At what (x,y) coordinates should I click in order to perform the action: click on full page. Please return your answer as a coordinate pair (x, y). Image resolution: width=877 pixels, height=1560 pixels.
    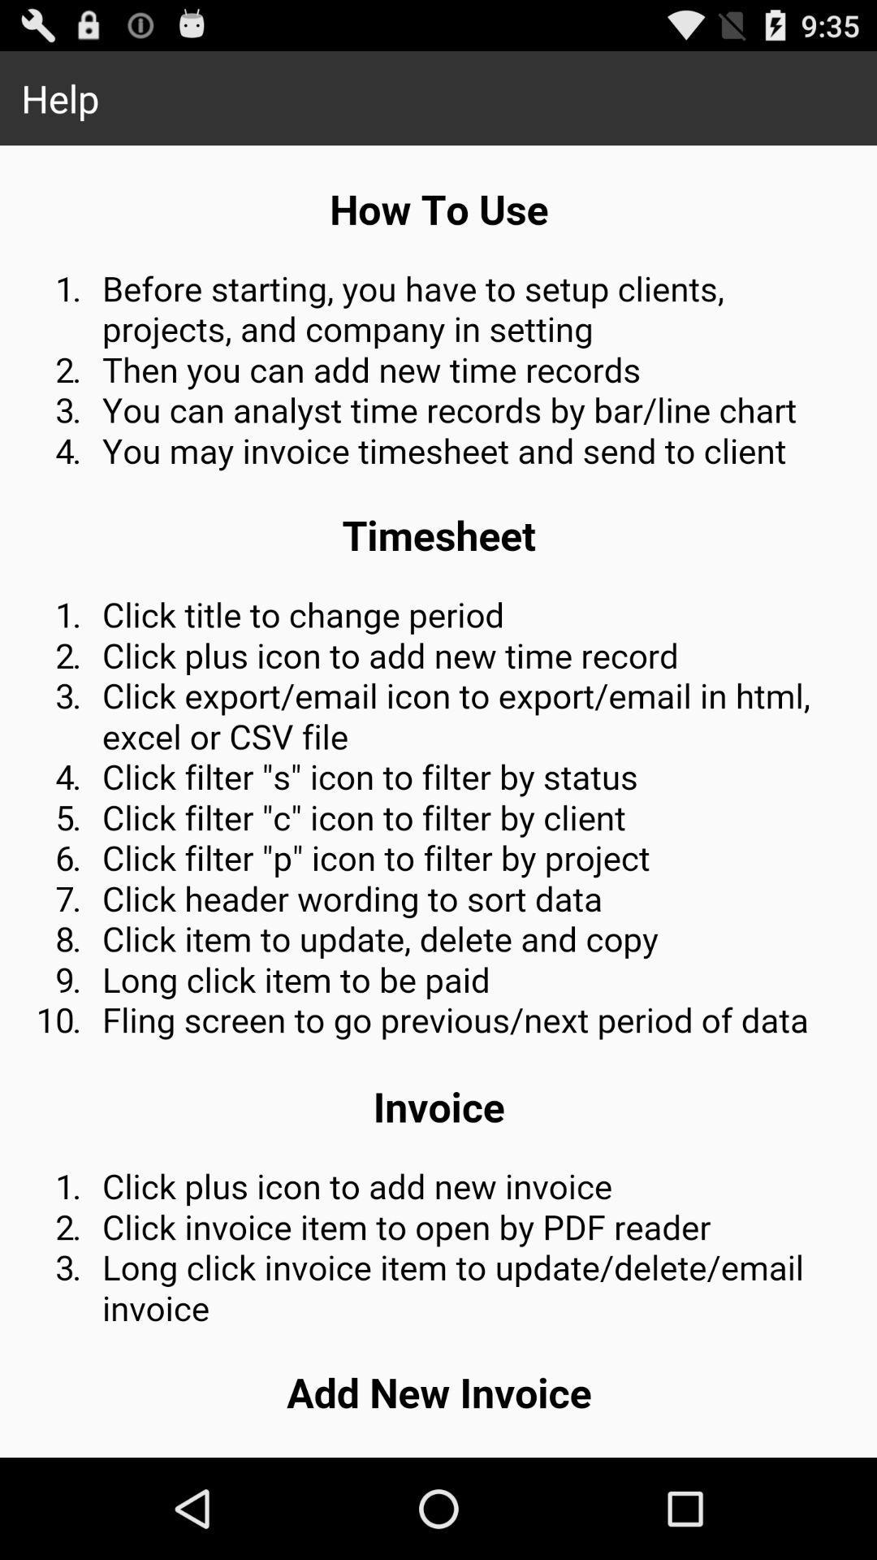
    Looking at the image, I should click on (438, 801).